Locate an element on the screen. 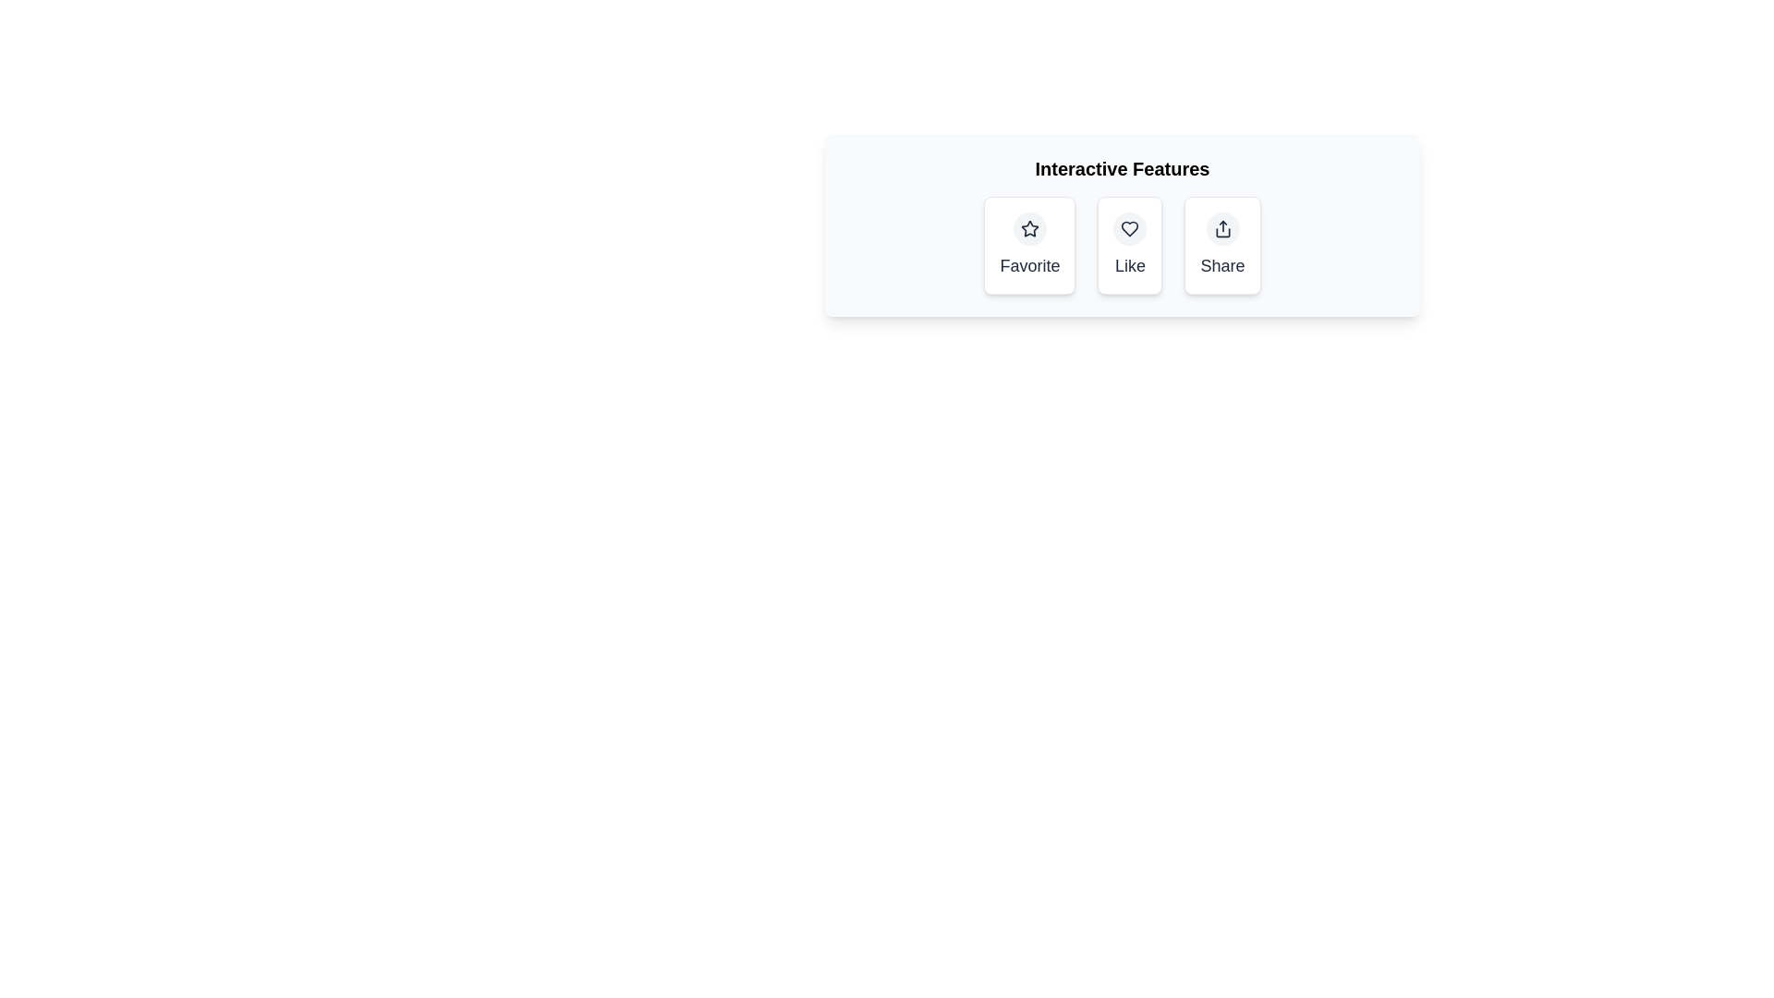 The width and height of the screenshot is (1774, 998). the Like button to activate it is located at coordinates (1129, 245).